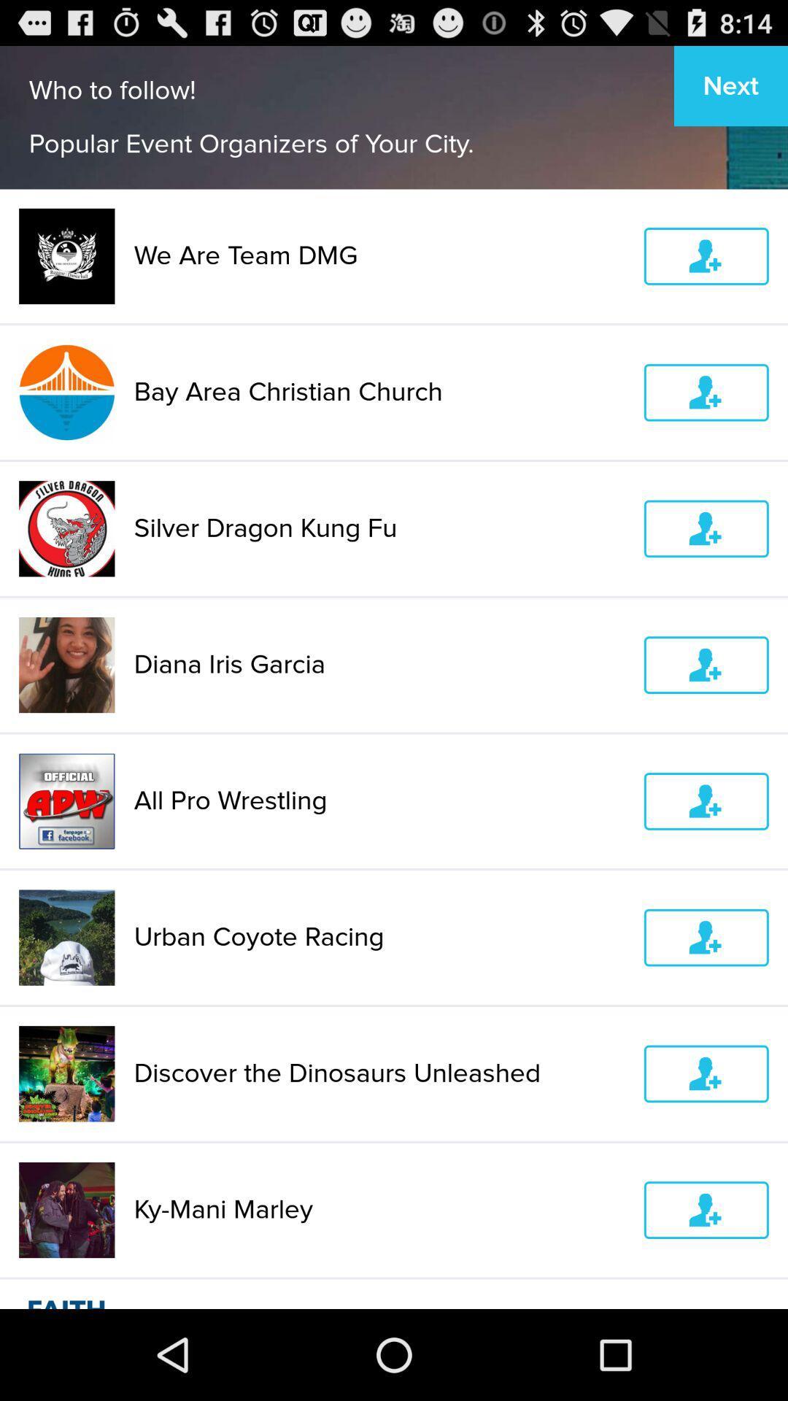 The height and width of the screenshot is (1401, 788). Describe the element at coordinates (379, 664) in the screenshot. I see `the app above all pro wrestling icon` at that location.